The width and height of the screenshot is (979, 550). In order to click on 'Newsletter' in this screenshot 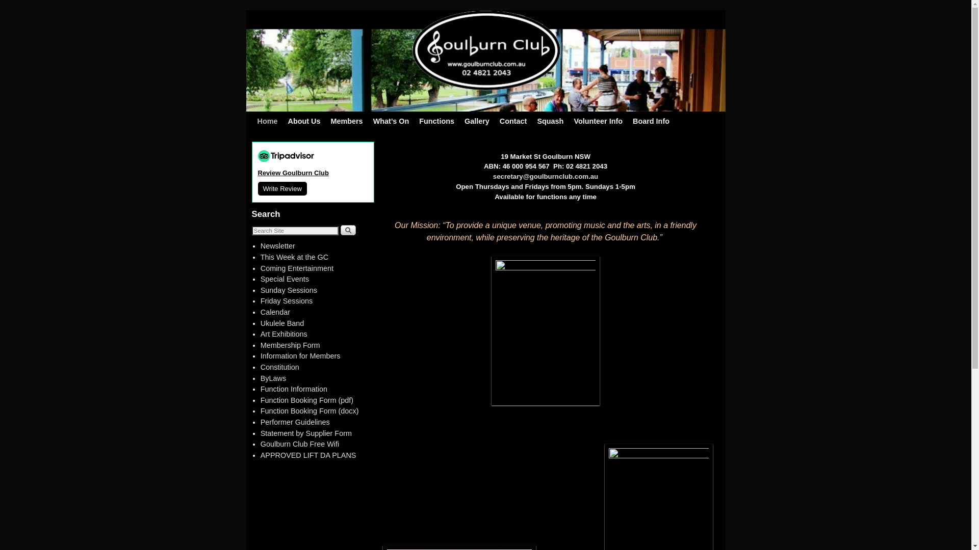, I will do `click(260, 245)`.